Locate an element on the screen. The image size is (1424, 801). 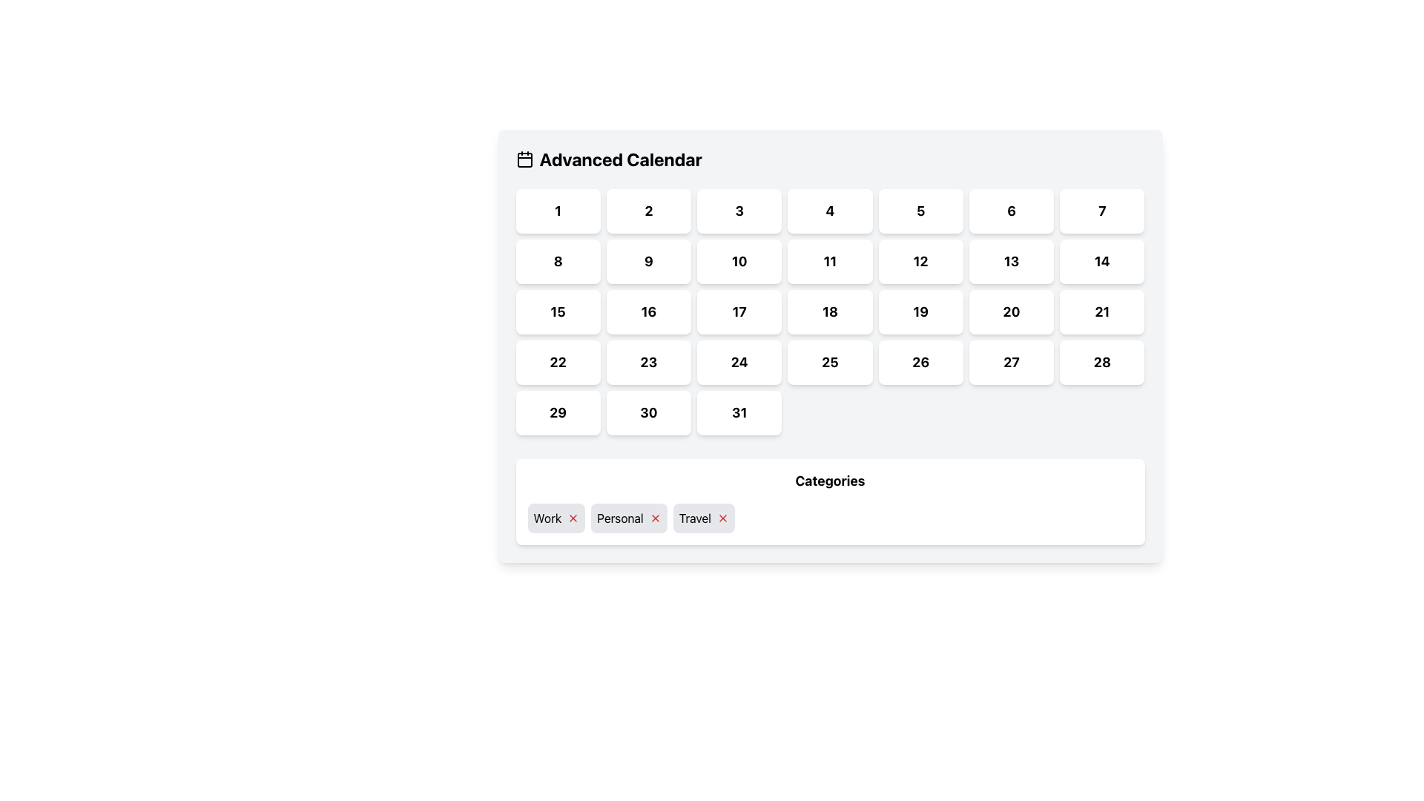
the bold, large-sized text displaying the number '27' in the twelfth button of the calendar grid is located at coordinates (1010, 362).